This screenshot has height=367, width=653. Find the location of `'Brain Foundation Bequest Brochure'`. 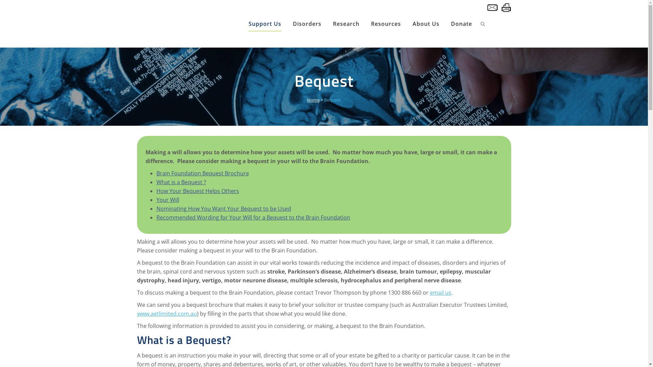

'Brain Foundation Bequest Brochure' is located at coordinates (202, 173).